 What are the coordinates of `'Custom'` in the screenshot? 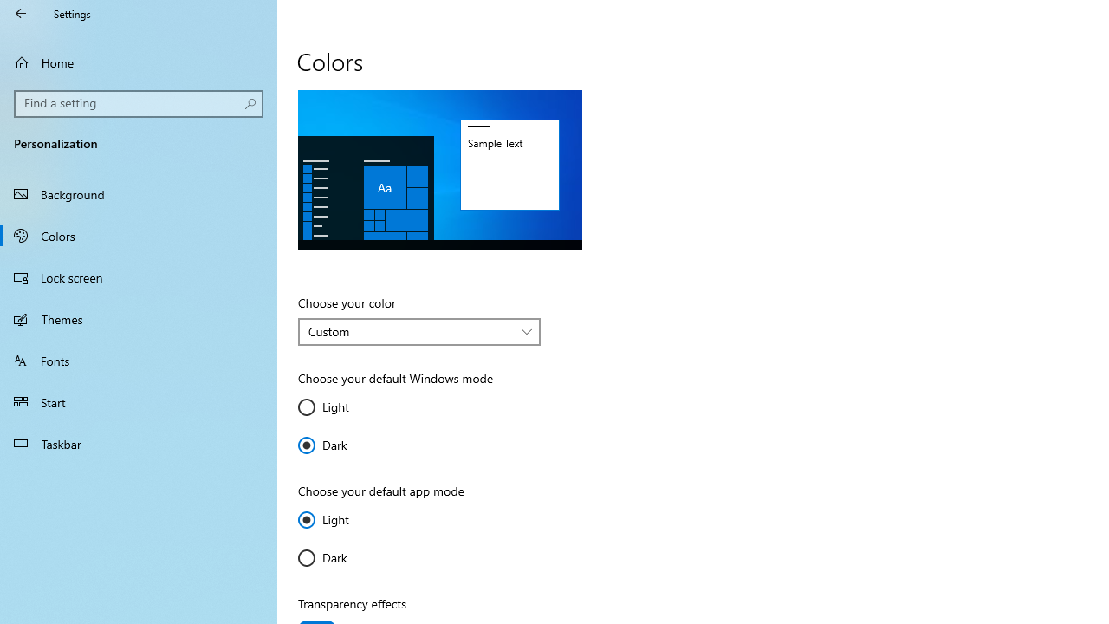 It's located at (409, 331).